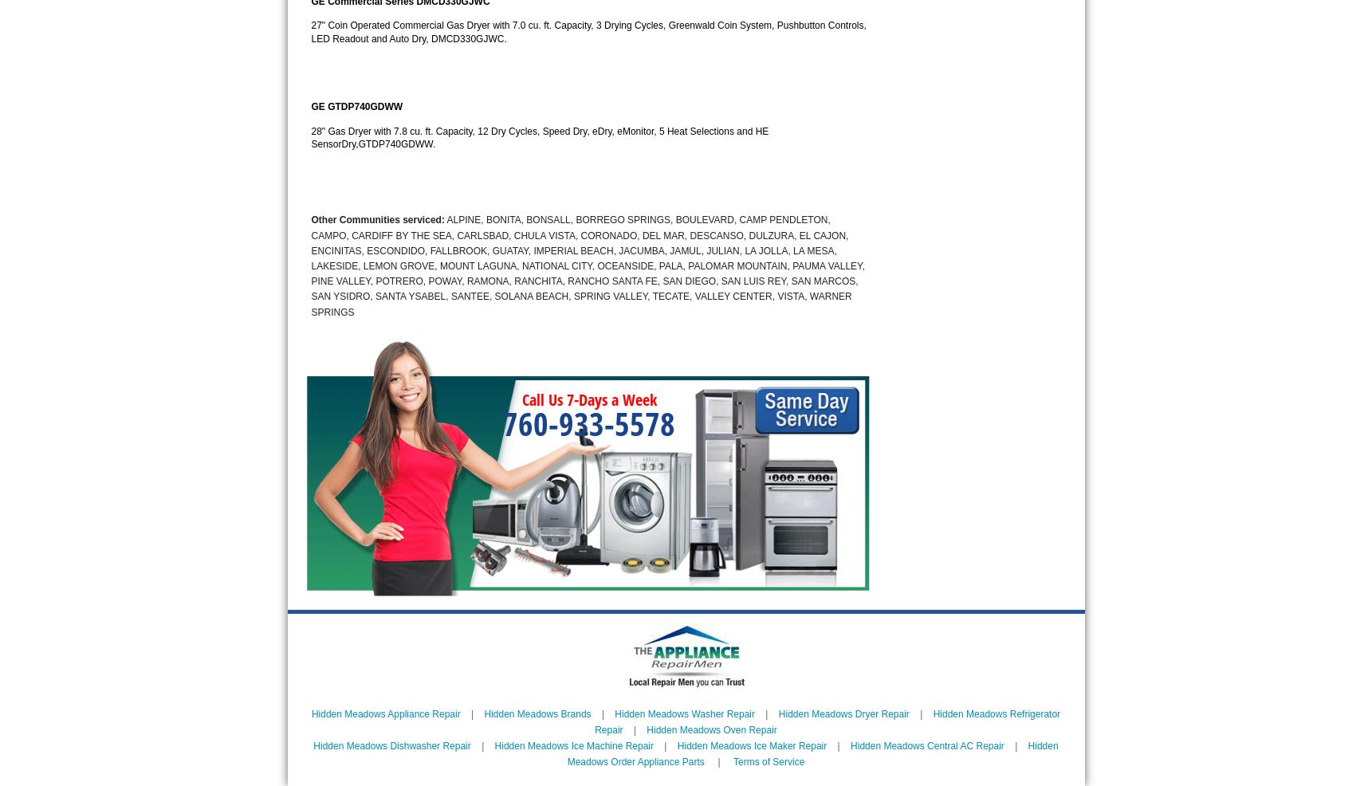 The image size is (1372, 786). Describe the element at coordinates (767, 761) in the screenshot. I see `'Terms of Service'` at that location.